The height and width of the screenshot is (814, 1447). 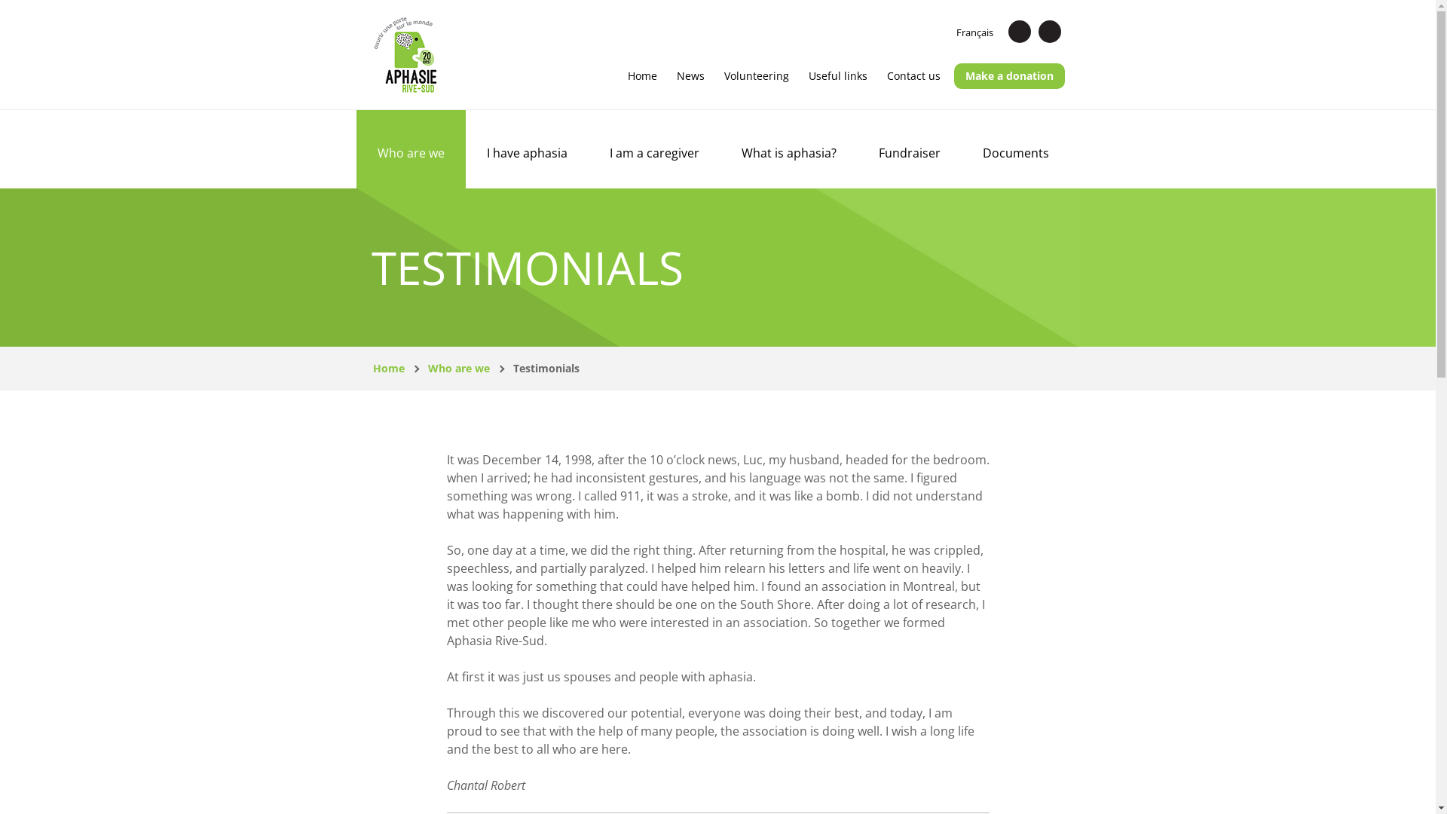 I want to click on 'Volunteering', so click(x=756, y=76).